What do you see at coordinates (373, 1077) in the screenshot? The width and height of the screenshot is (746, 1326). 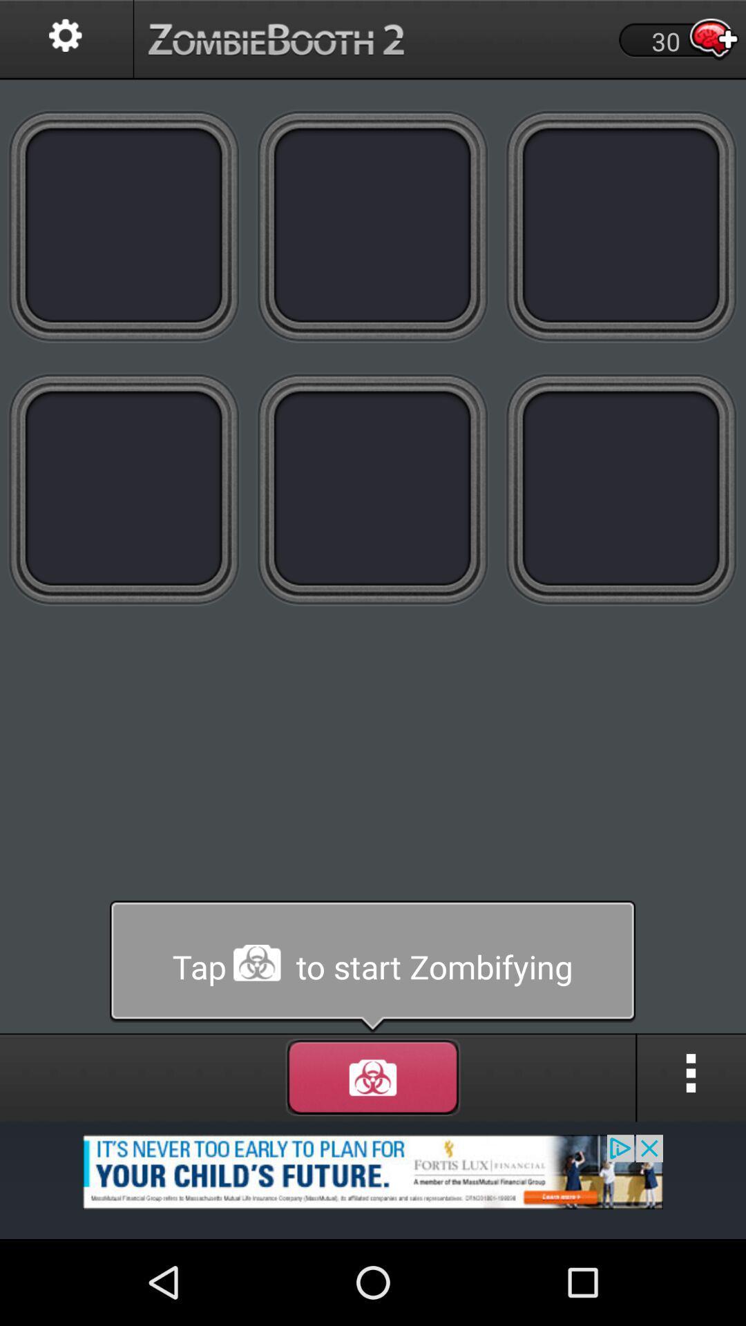 I see `start the effect` at bounding box center [373, 1077].